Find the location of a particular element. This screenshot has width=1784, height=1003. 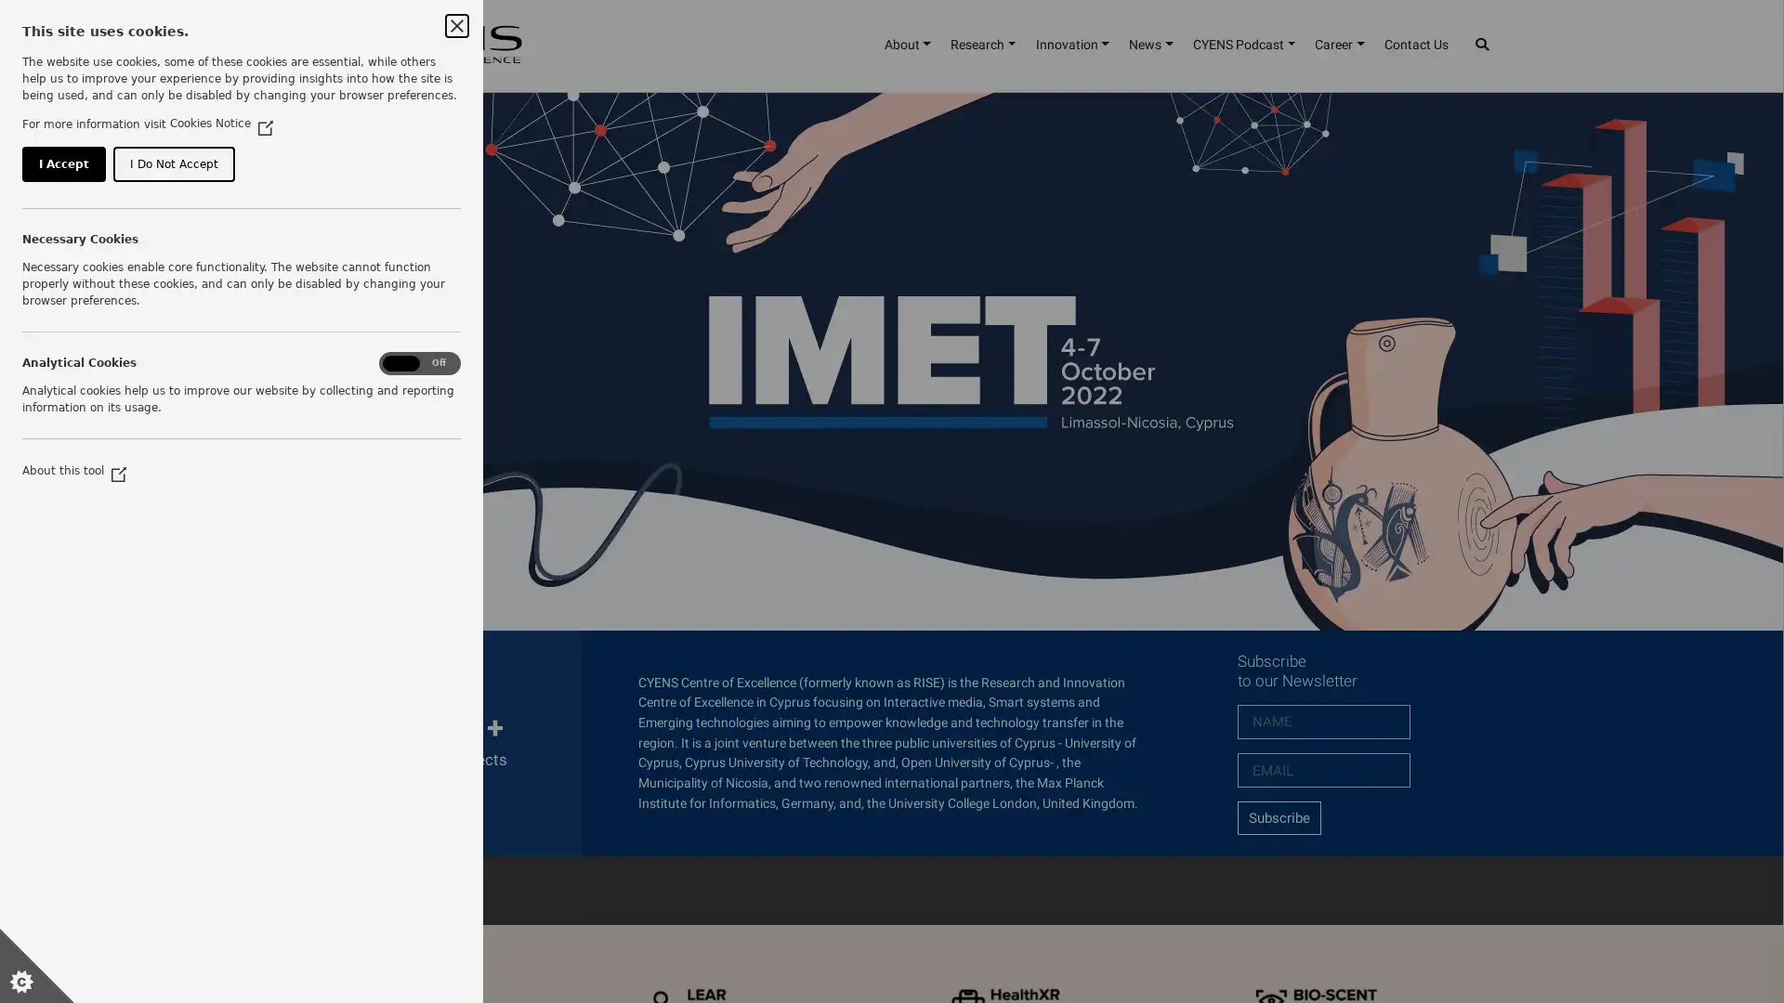

Subscribe is located at coordinates (1278, 816).